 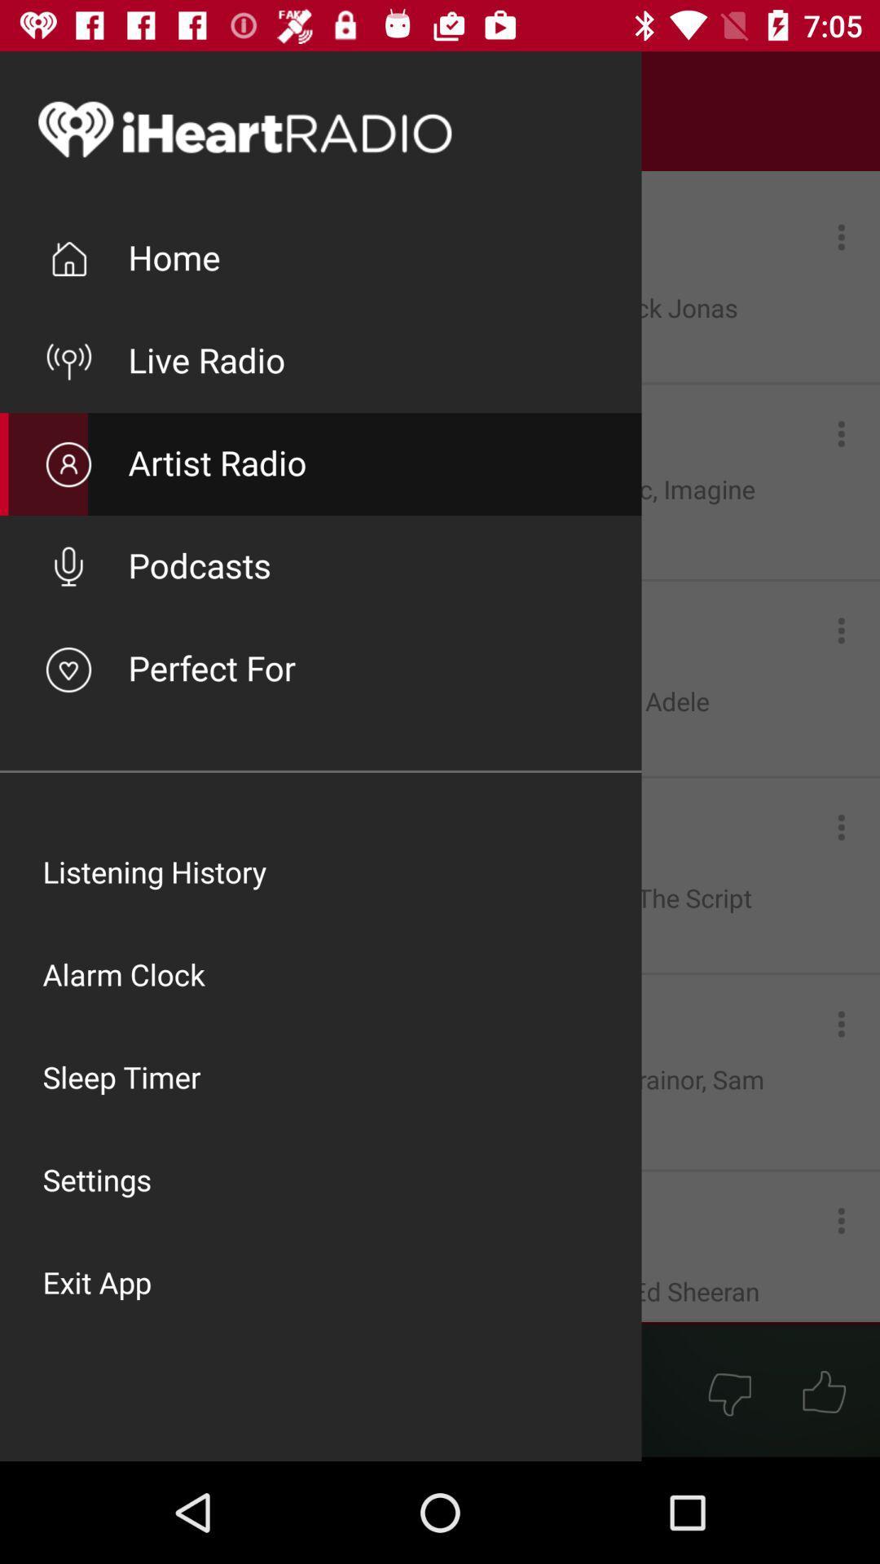 What do you see at coordinates (728, 1391) in the screenshot?
I see `the thumbs_down icon` at bounding box center [728, 1391].